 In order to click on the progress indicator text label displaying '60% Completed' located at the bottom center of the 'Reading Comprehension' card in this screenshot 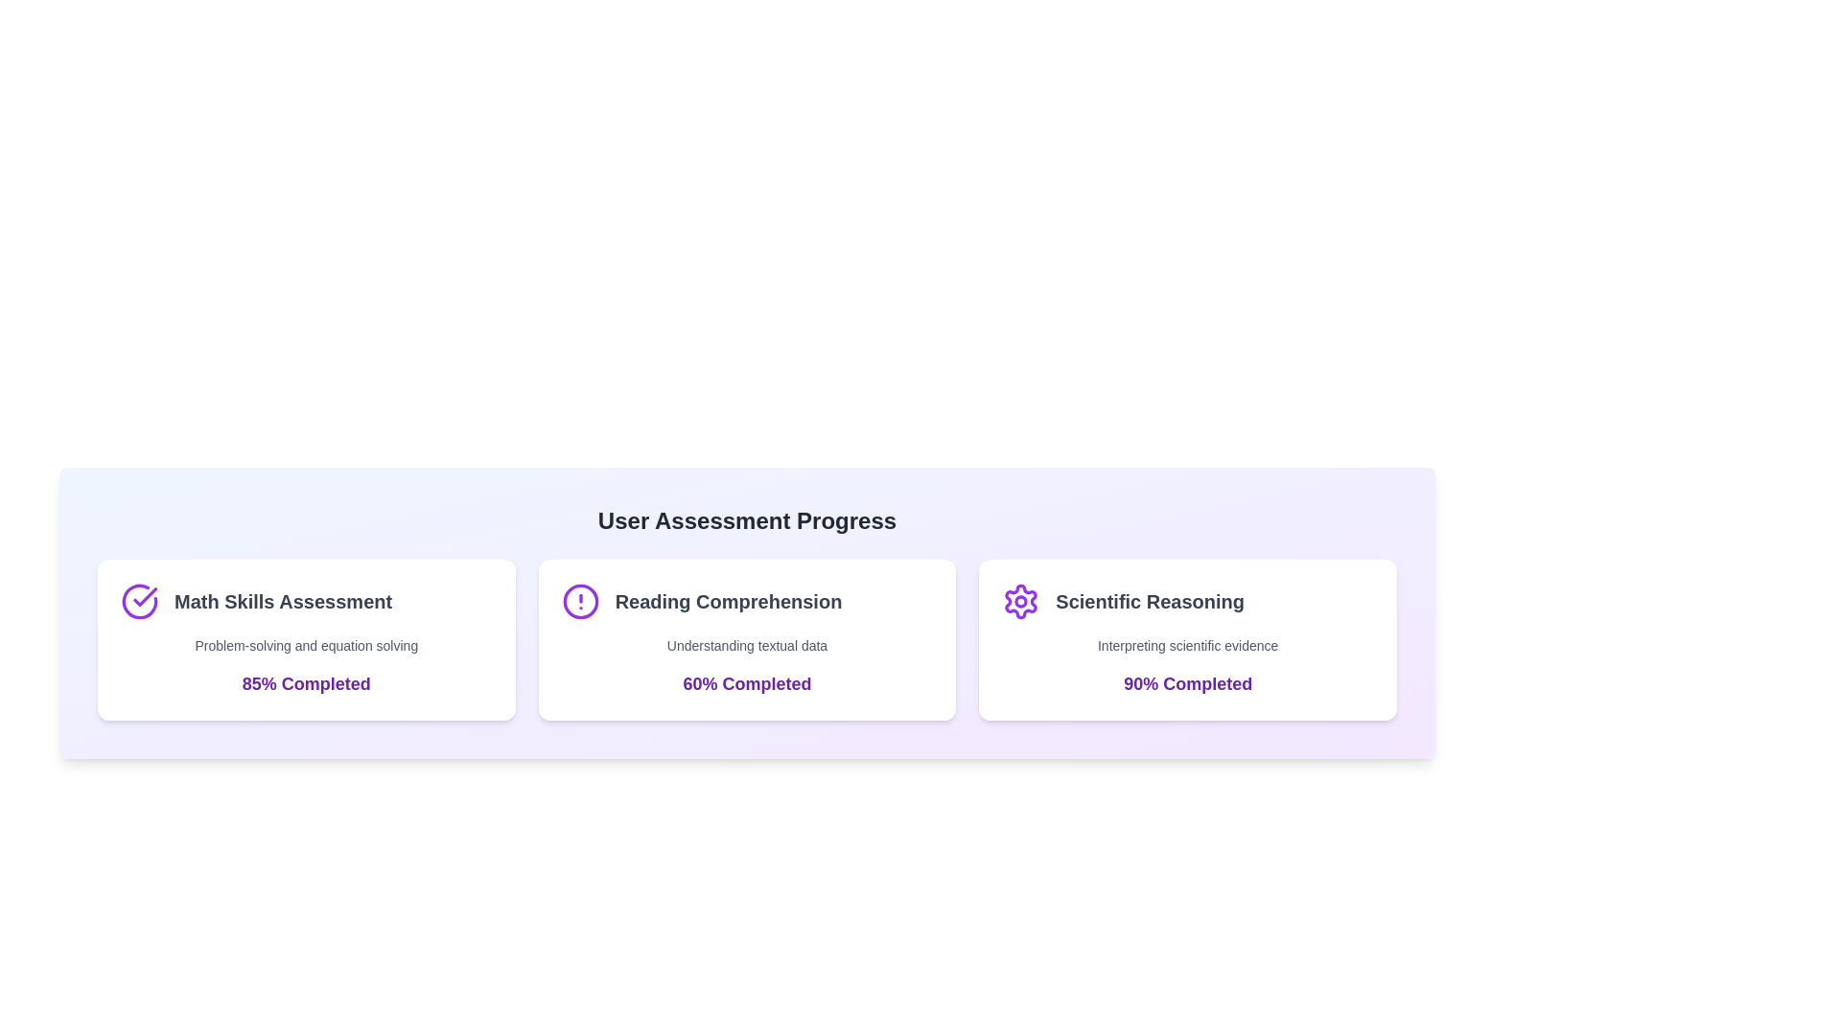, I will do `click(746, 682)`.